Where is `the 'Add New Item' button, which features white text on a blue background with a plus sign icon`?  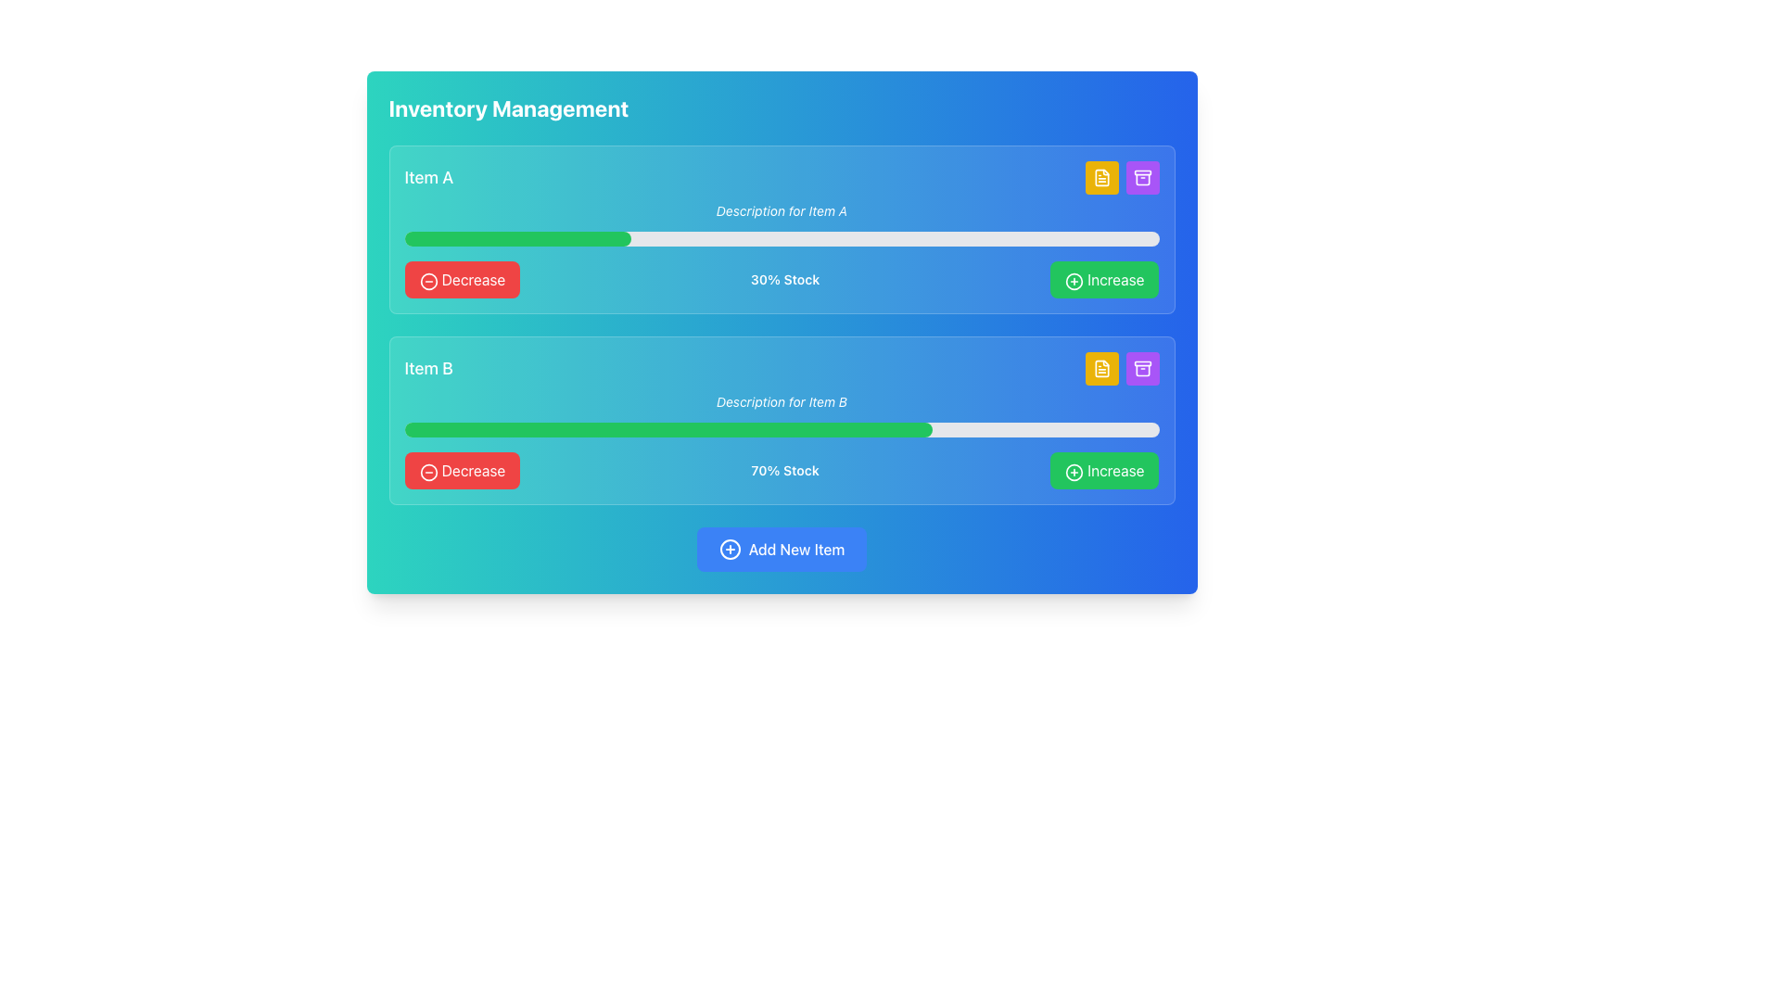
the 'Add New Item' button, which features white text on a blue background with a plus sign icon is located at coordinates (782, 549).